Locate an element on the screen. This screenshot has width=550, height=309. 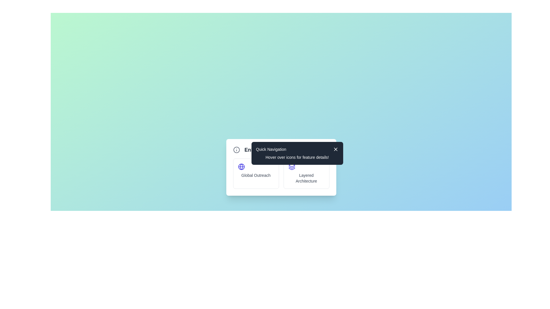
the interactive card labeled 'Layered Architecture', which is the second item in a two-column grid layout, located to the right of the 'Global Outreach' element is located at coordinates (306, 173).